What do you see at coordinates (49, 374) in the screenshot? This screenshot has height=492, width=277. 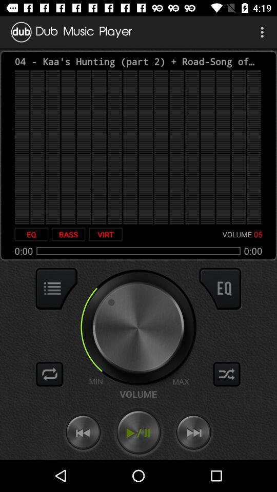 I see `repeat` at bounding box center [49, 374].